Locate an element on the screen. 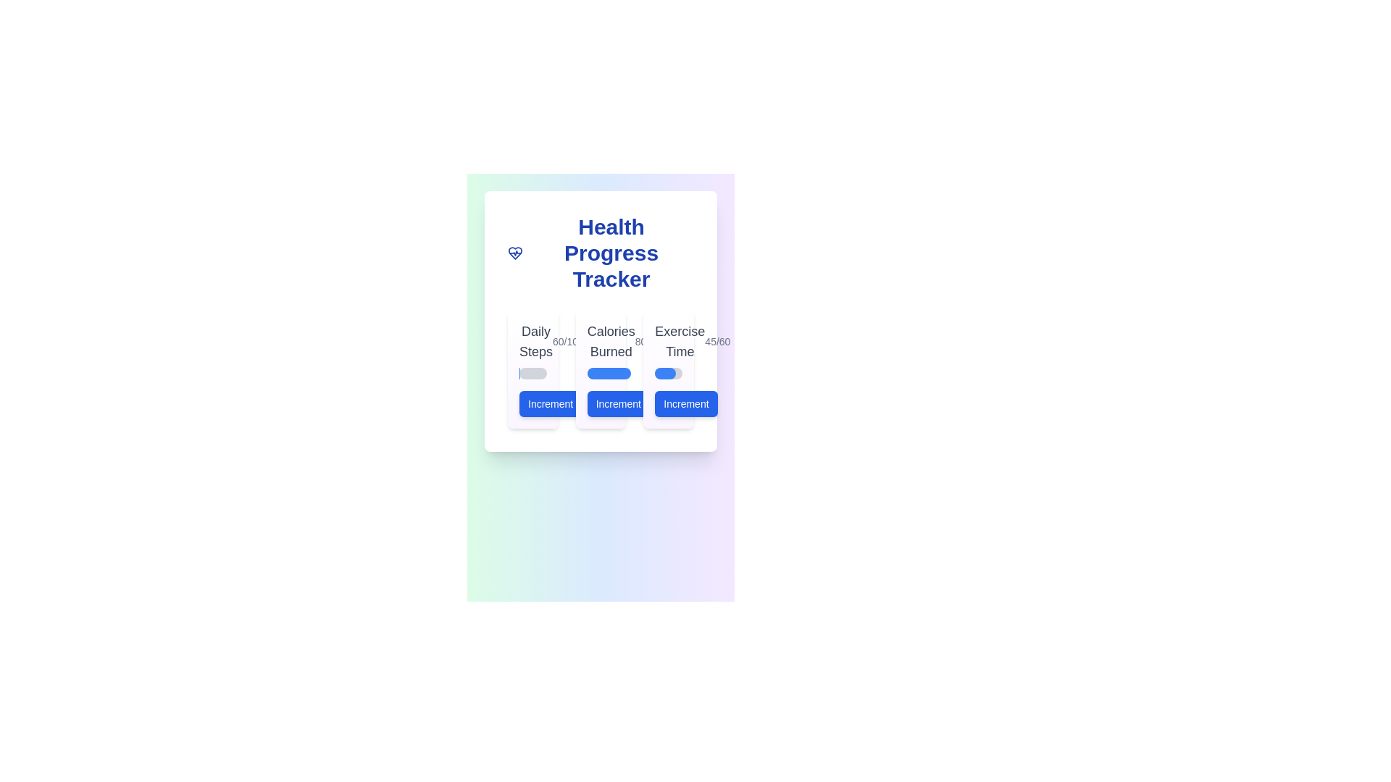 The width and height of the screenshot is (1391, 782). the leftmost button under the 'Daily Steps' section to increment the value of the Daily Steps tracker is located at coordinates (549, 404).